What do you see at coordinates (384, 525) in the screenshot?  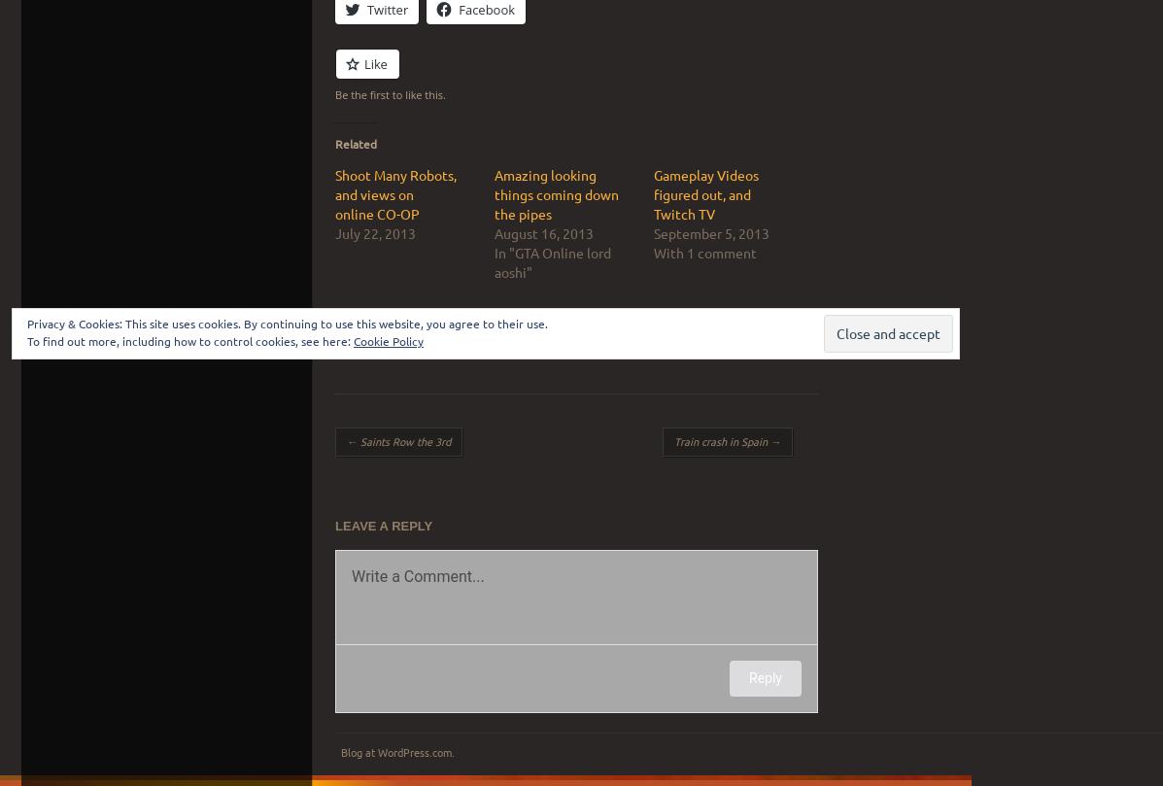 I see `'Leave a Reply'` at bounding box center [384, 525].